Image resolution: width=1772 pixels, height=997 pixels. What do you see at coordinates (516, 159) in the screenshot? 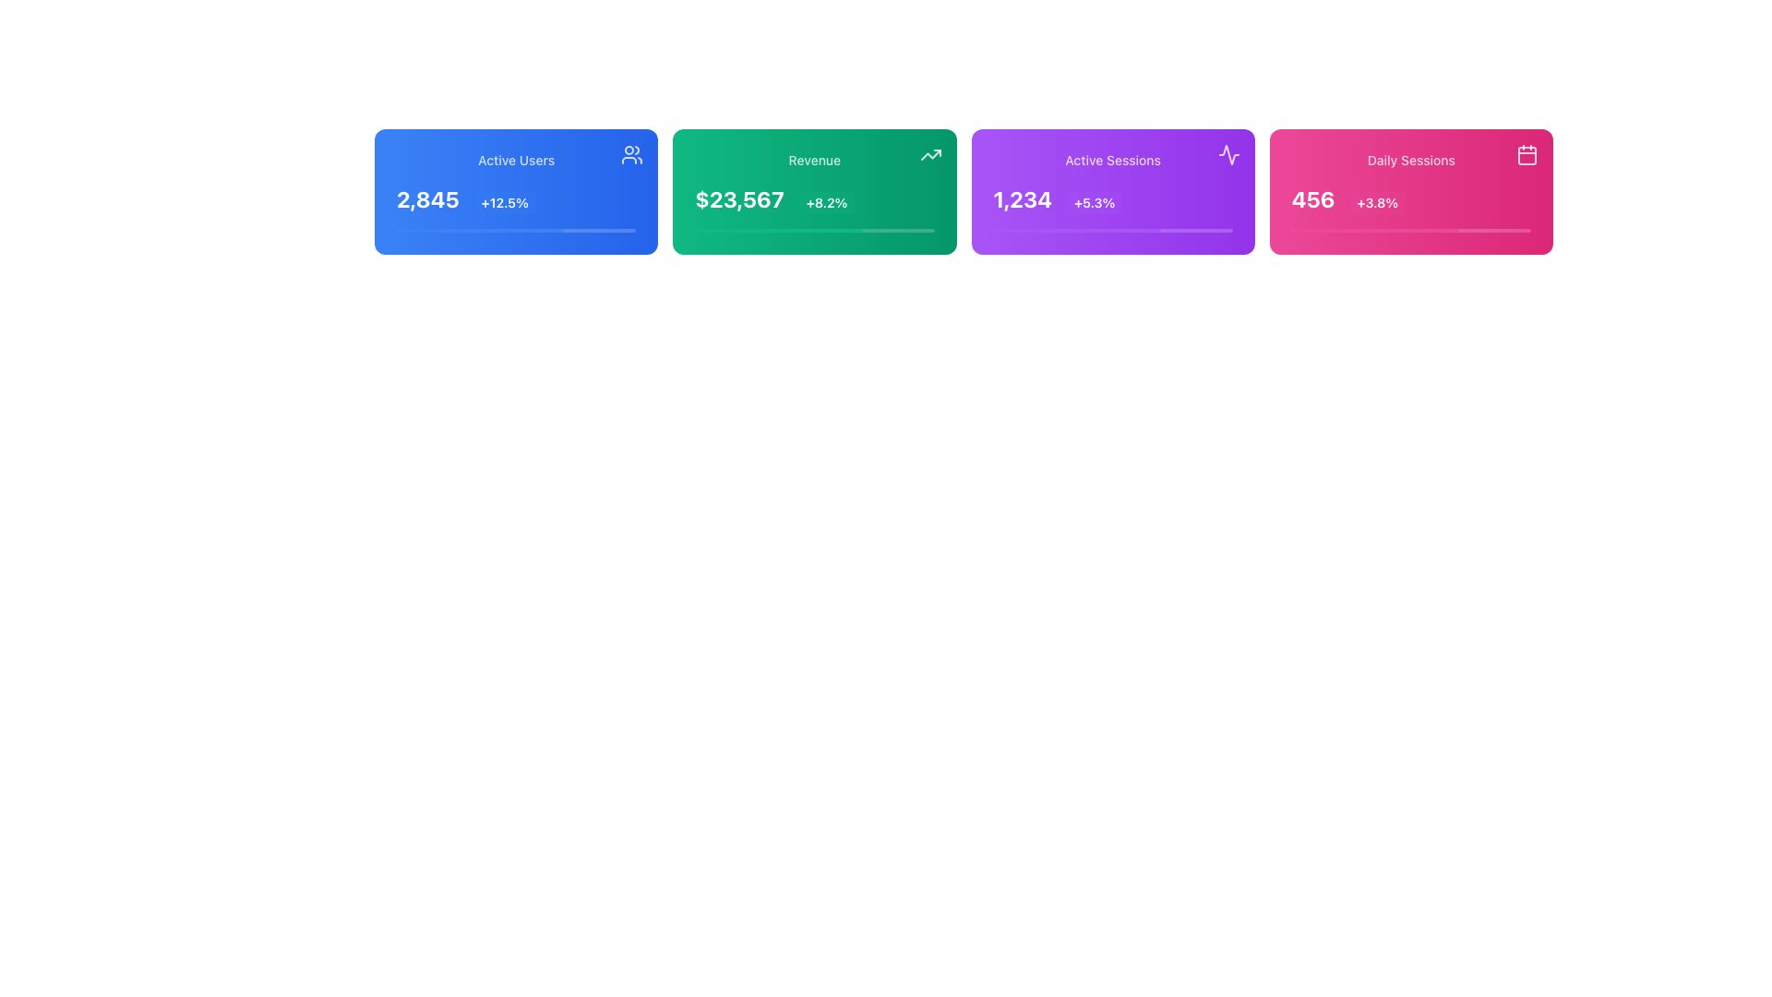
I see `the descriptive label indicating the metric for active users, located at the top section of the blue card containing active user statistics` at bounding box center [516, 159].